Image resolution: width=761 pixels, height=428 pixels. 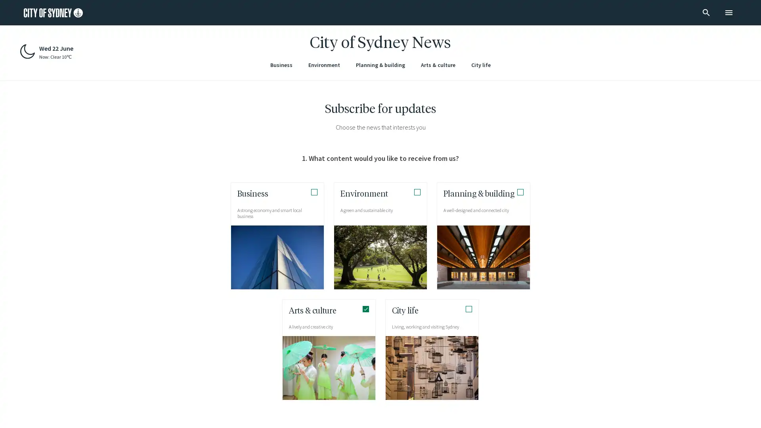 I want to click on search, so click(x=706, y=12).